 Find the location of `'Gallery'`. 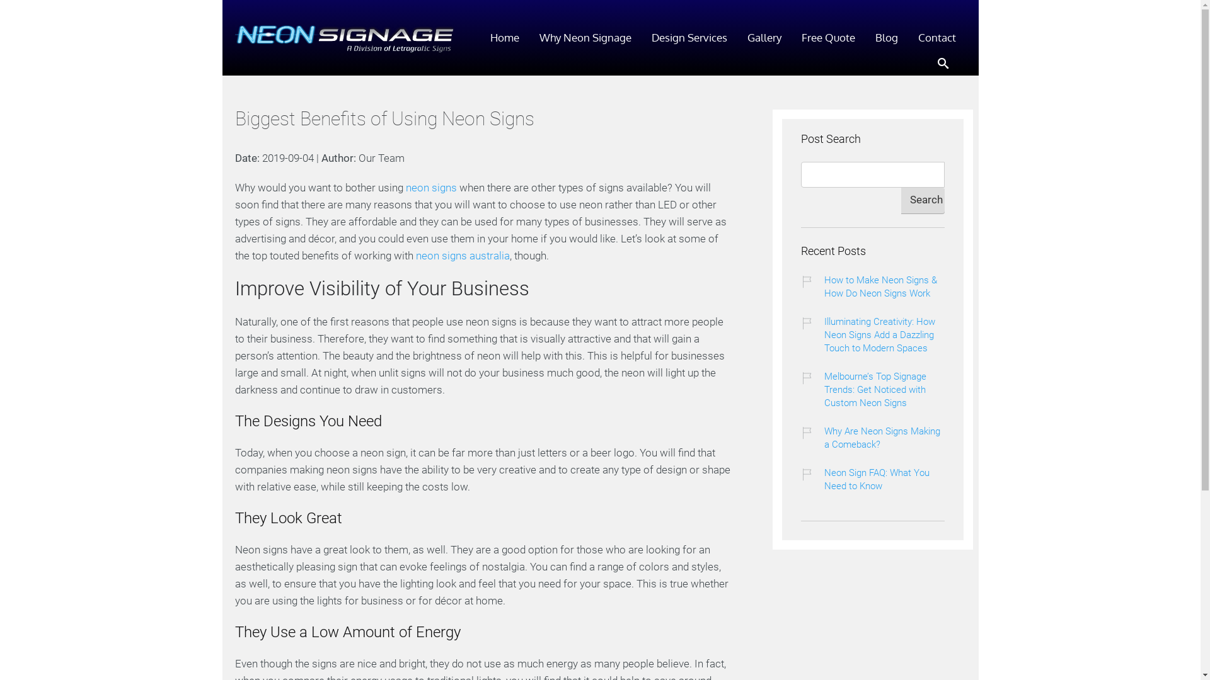

'Gallery' is located at coordinates (764, 37).